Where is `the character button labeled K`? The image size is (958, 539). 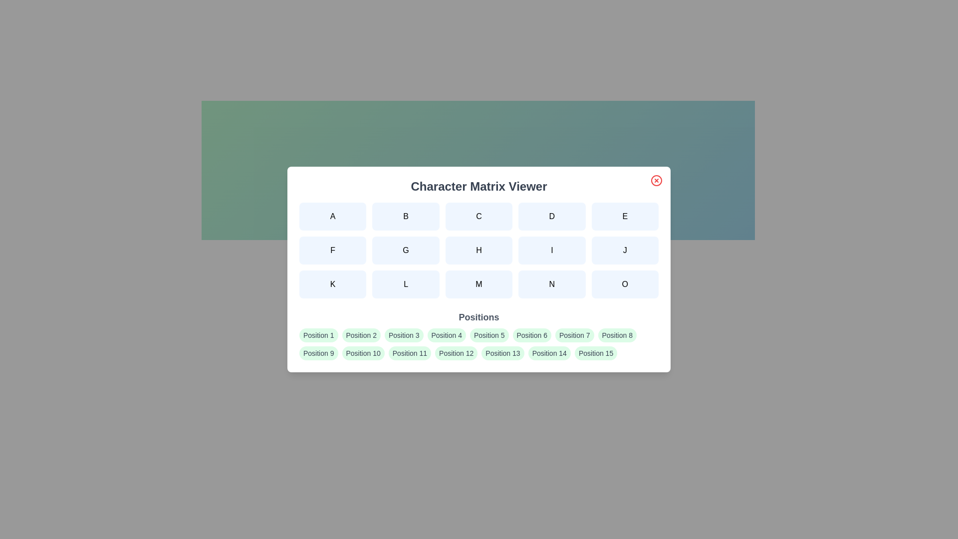 the character button labeled K is located at coordinates (333, 284).